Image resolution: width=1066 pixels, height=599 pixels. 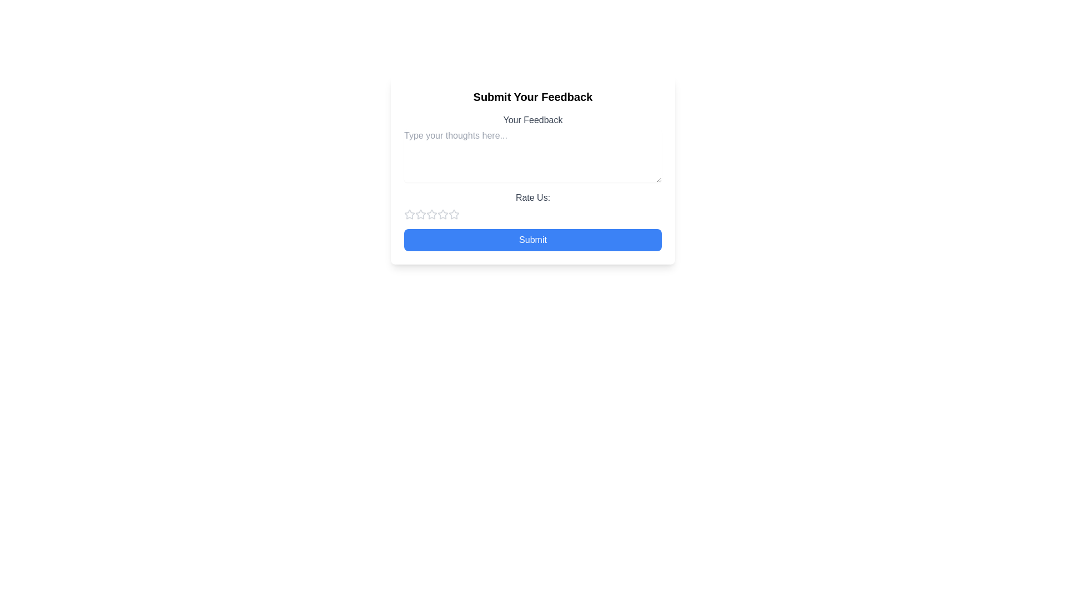 I want to click on the first star-shaped icon in the rating system, so click(x=409, y=214).